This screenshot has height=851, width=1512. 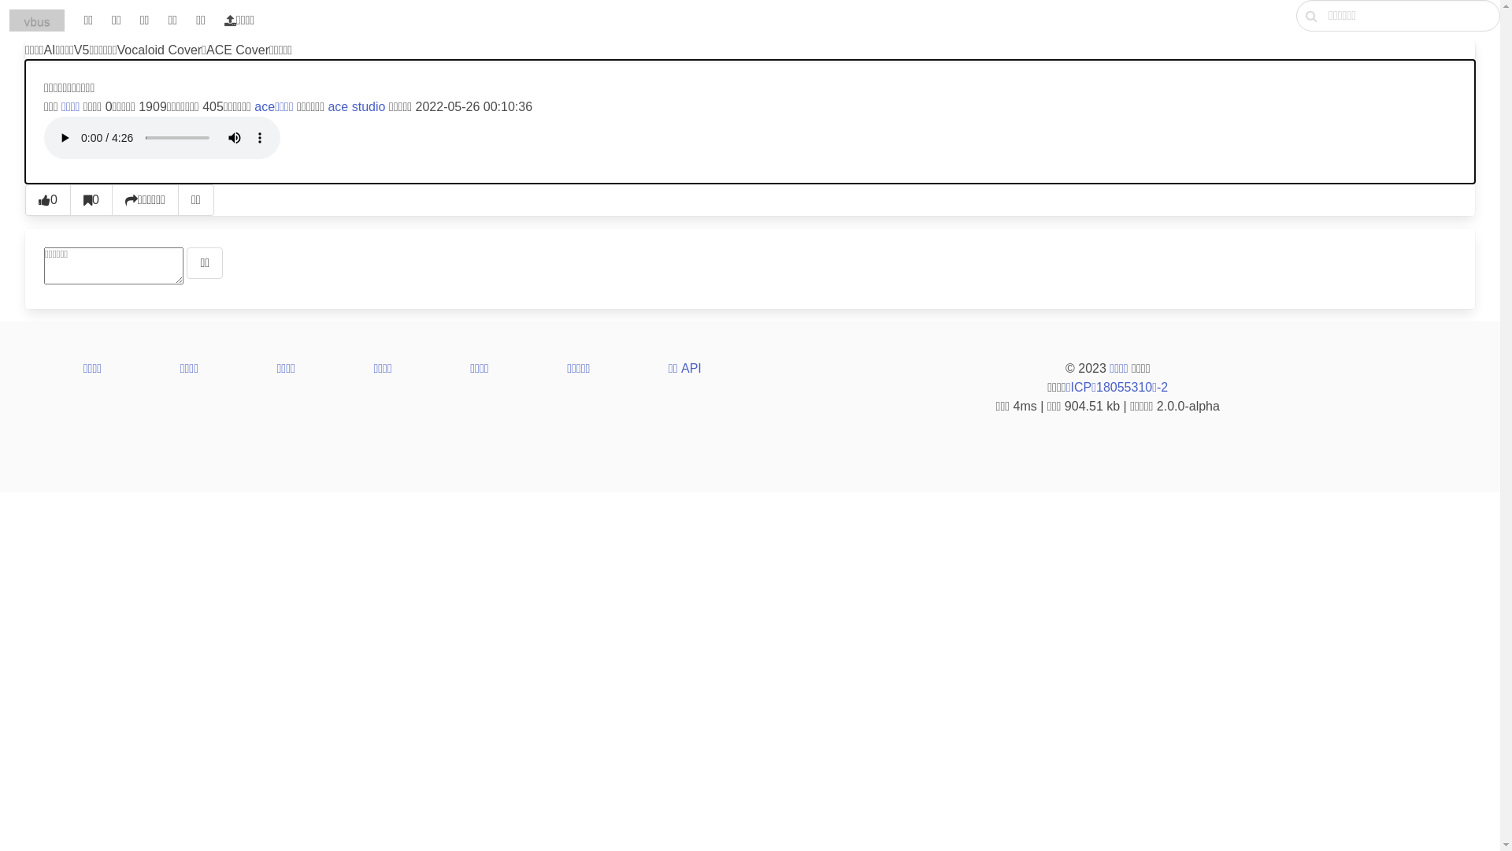 What do you see at coordinates (336, 106) in the screenshot?
I see `'ace'` at bounding box center [336, 106].